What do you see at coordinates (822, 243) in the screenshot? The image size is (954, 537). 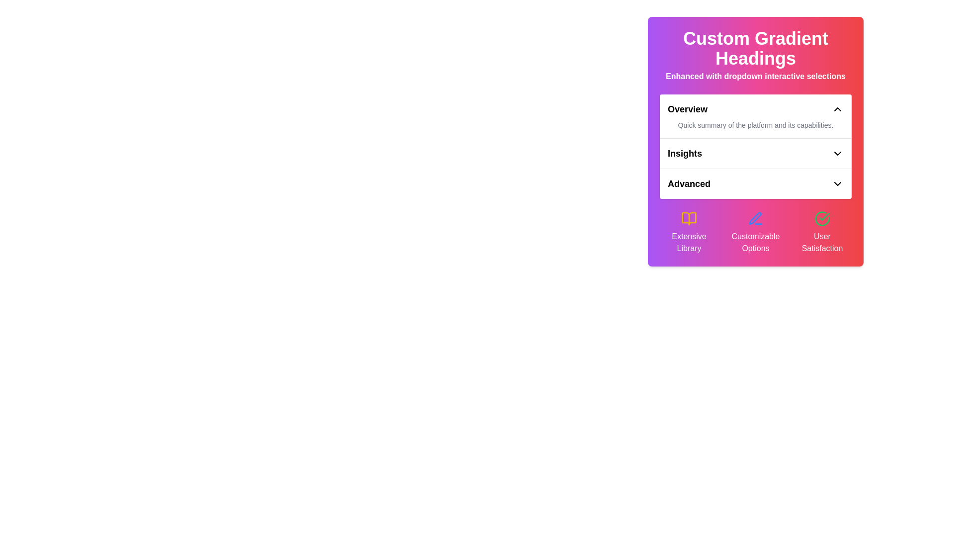 I see `the 'User Satisfaction' text label located in the bottom-right section of the gradient panel, which is the fourth item in a horizontally-aligned list of options` at bounding box center [822, 243].